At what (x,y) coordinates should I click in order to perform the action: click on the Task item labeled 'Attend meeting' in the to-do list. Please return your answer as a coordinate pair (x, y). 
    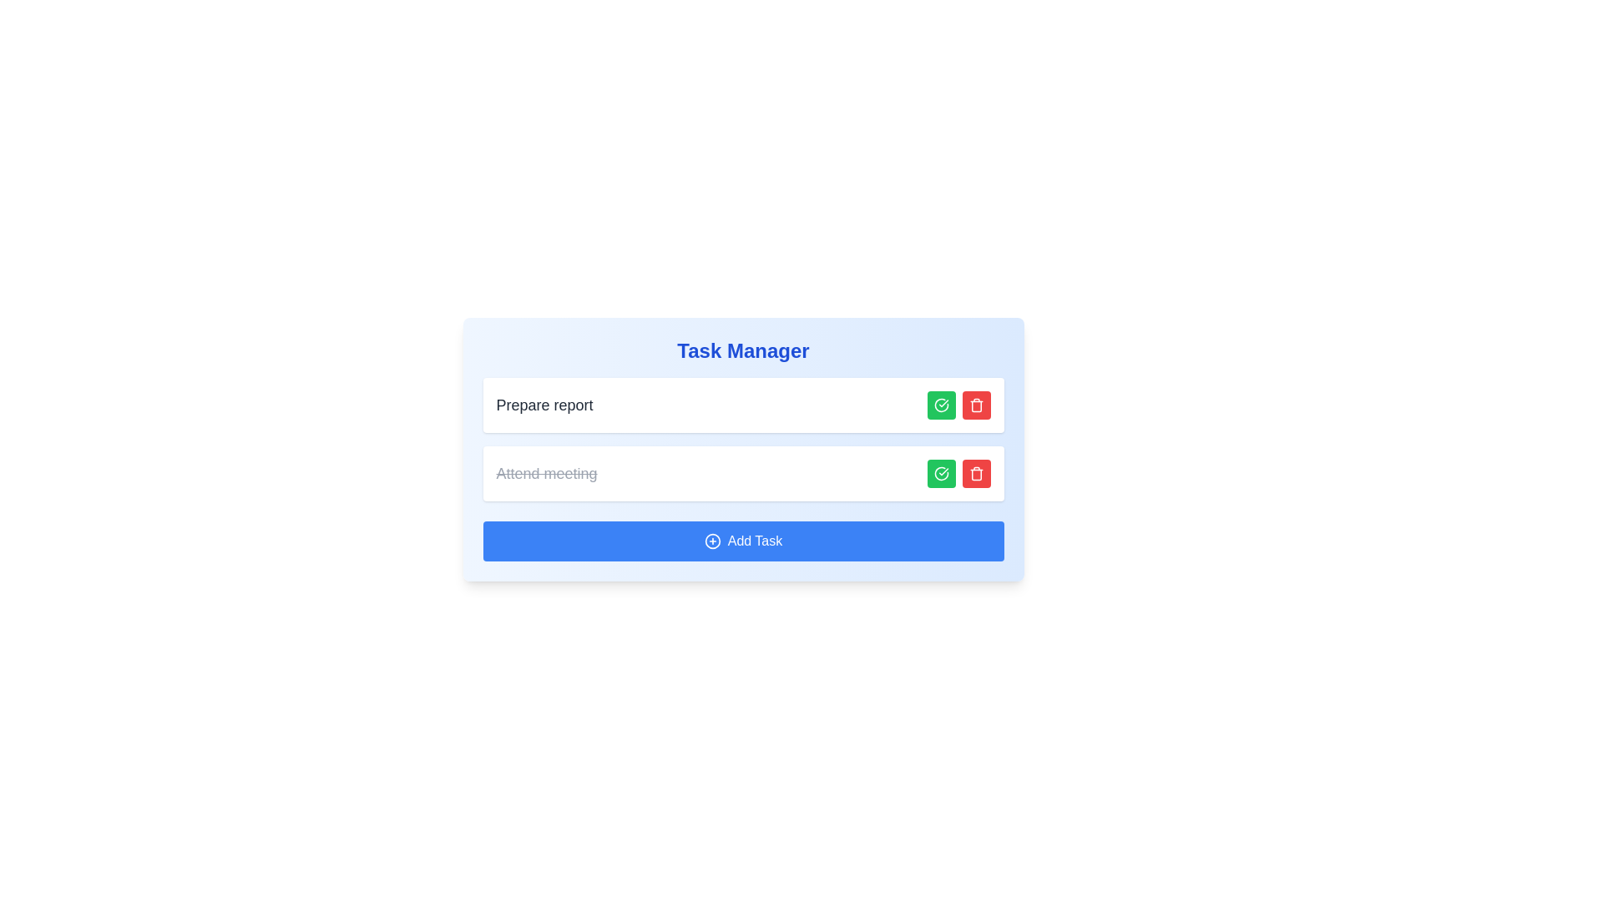
    Looking at the image, I should click on (742, 473).